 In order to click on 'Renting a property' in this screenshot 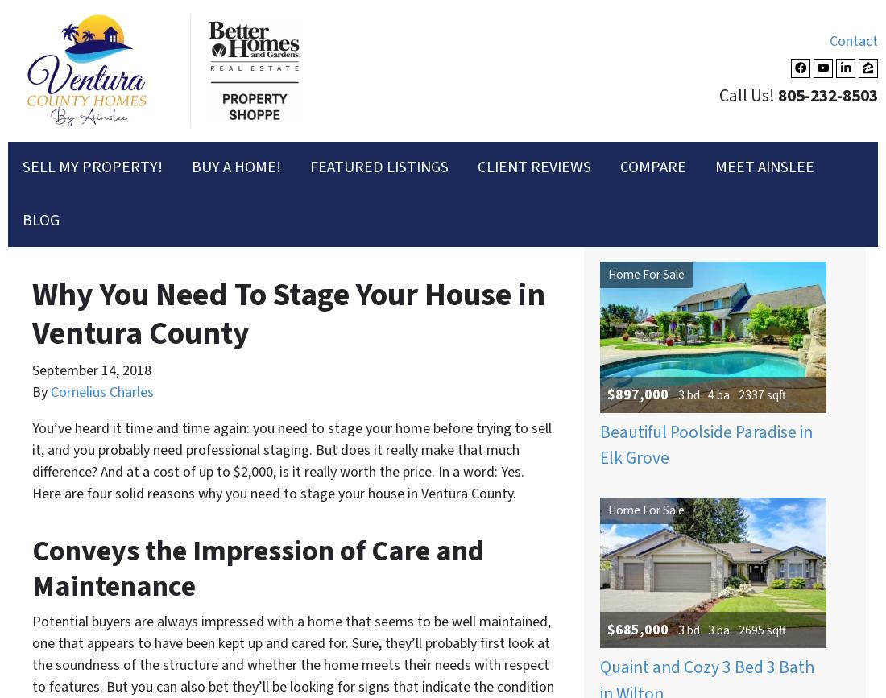, I will do `click(126, 105)`.